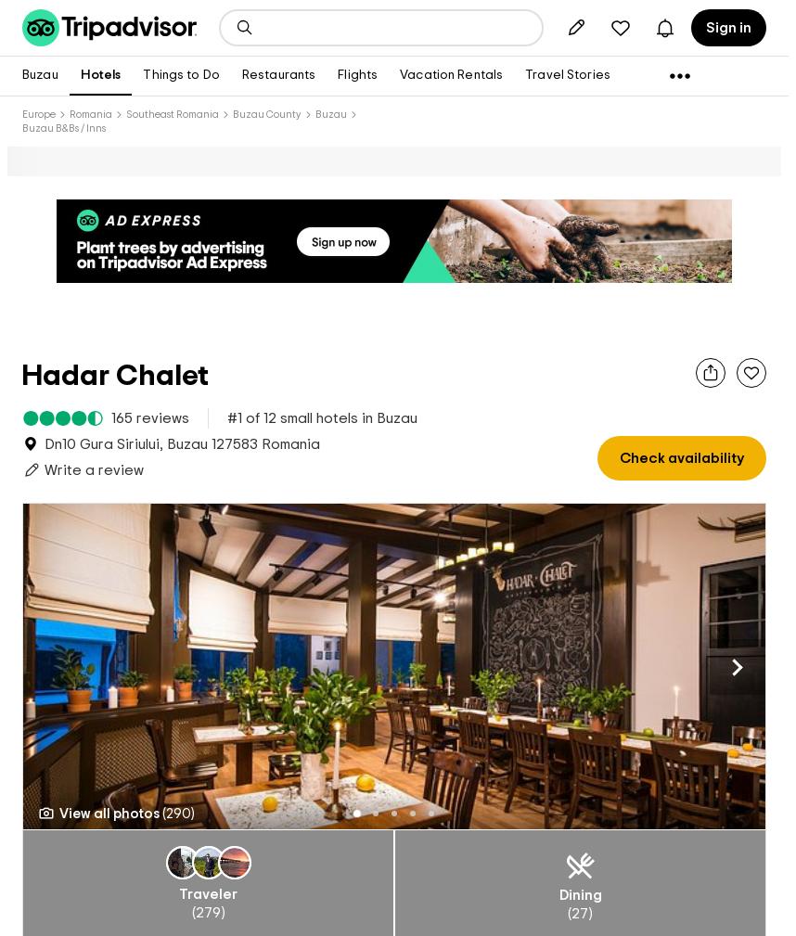 The width and height of the screenshot is (796, 936). Describe the element at coordinates (39, 113) in the screenshot. I see `'Europe'` at that location.